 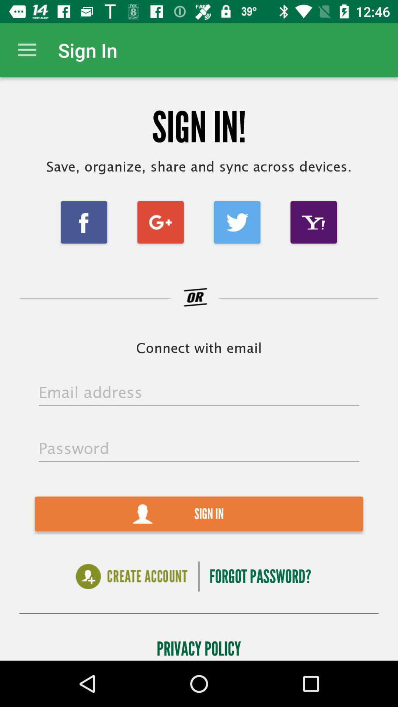 I want to click on mail address, so click(x=199, y=393).